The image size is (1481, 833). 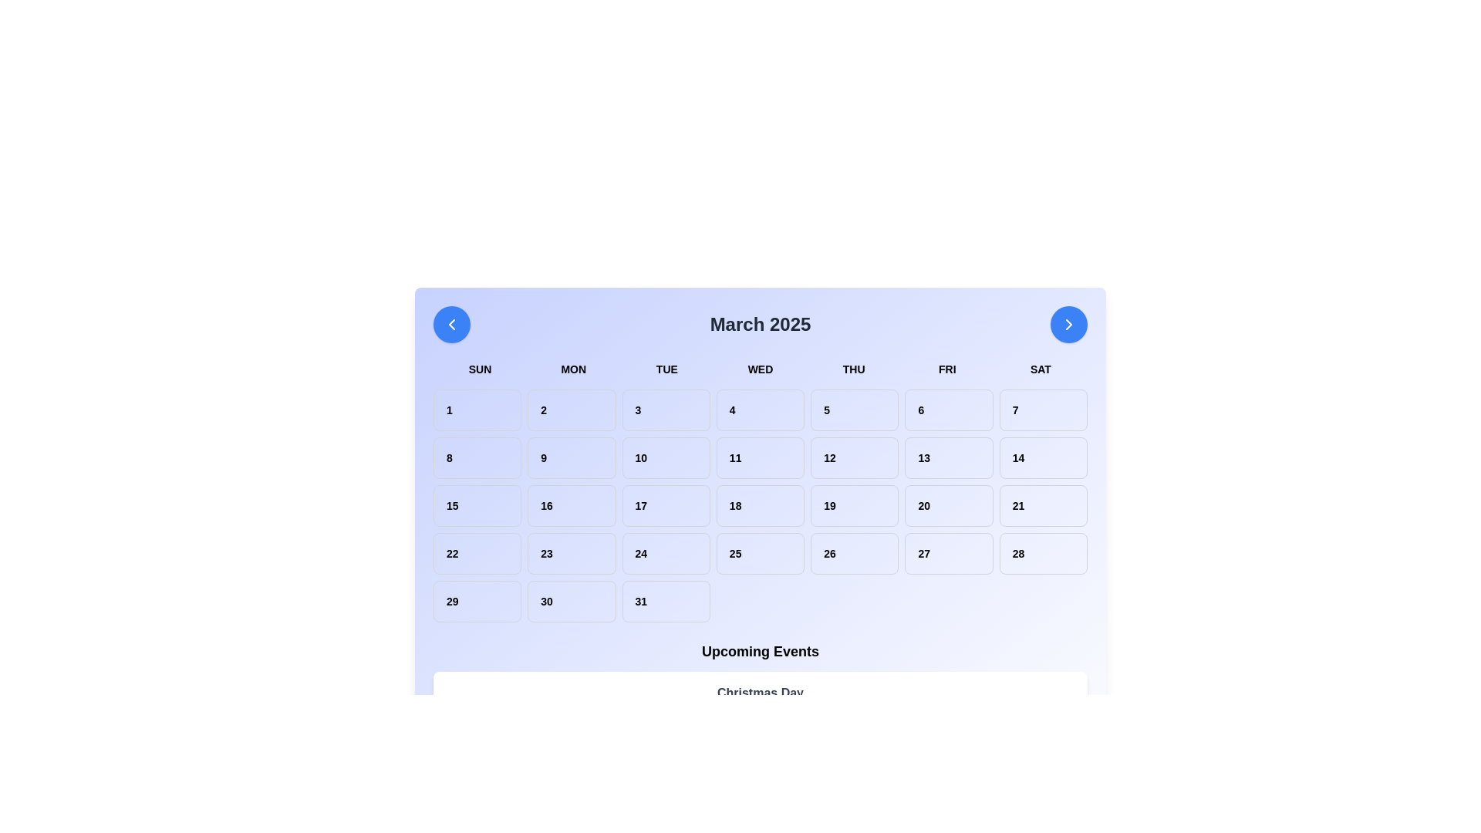 What do you see at coordinates (1043, 457) in the screenshot?
I see `the Button labeled '14' in the calendar layout` at bounding box center [1043, 457].